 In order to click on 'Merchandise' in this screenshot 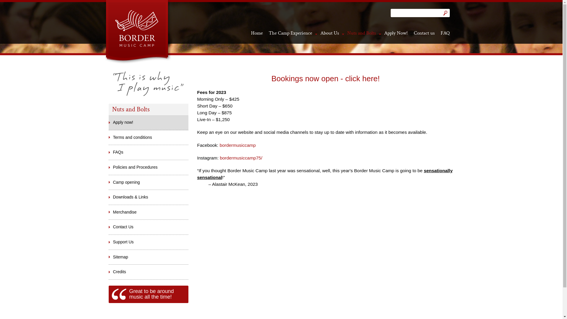, I will do `click(149, 212)`.